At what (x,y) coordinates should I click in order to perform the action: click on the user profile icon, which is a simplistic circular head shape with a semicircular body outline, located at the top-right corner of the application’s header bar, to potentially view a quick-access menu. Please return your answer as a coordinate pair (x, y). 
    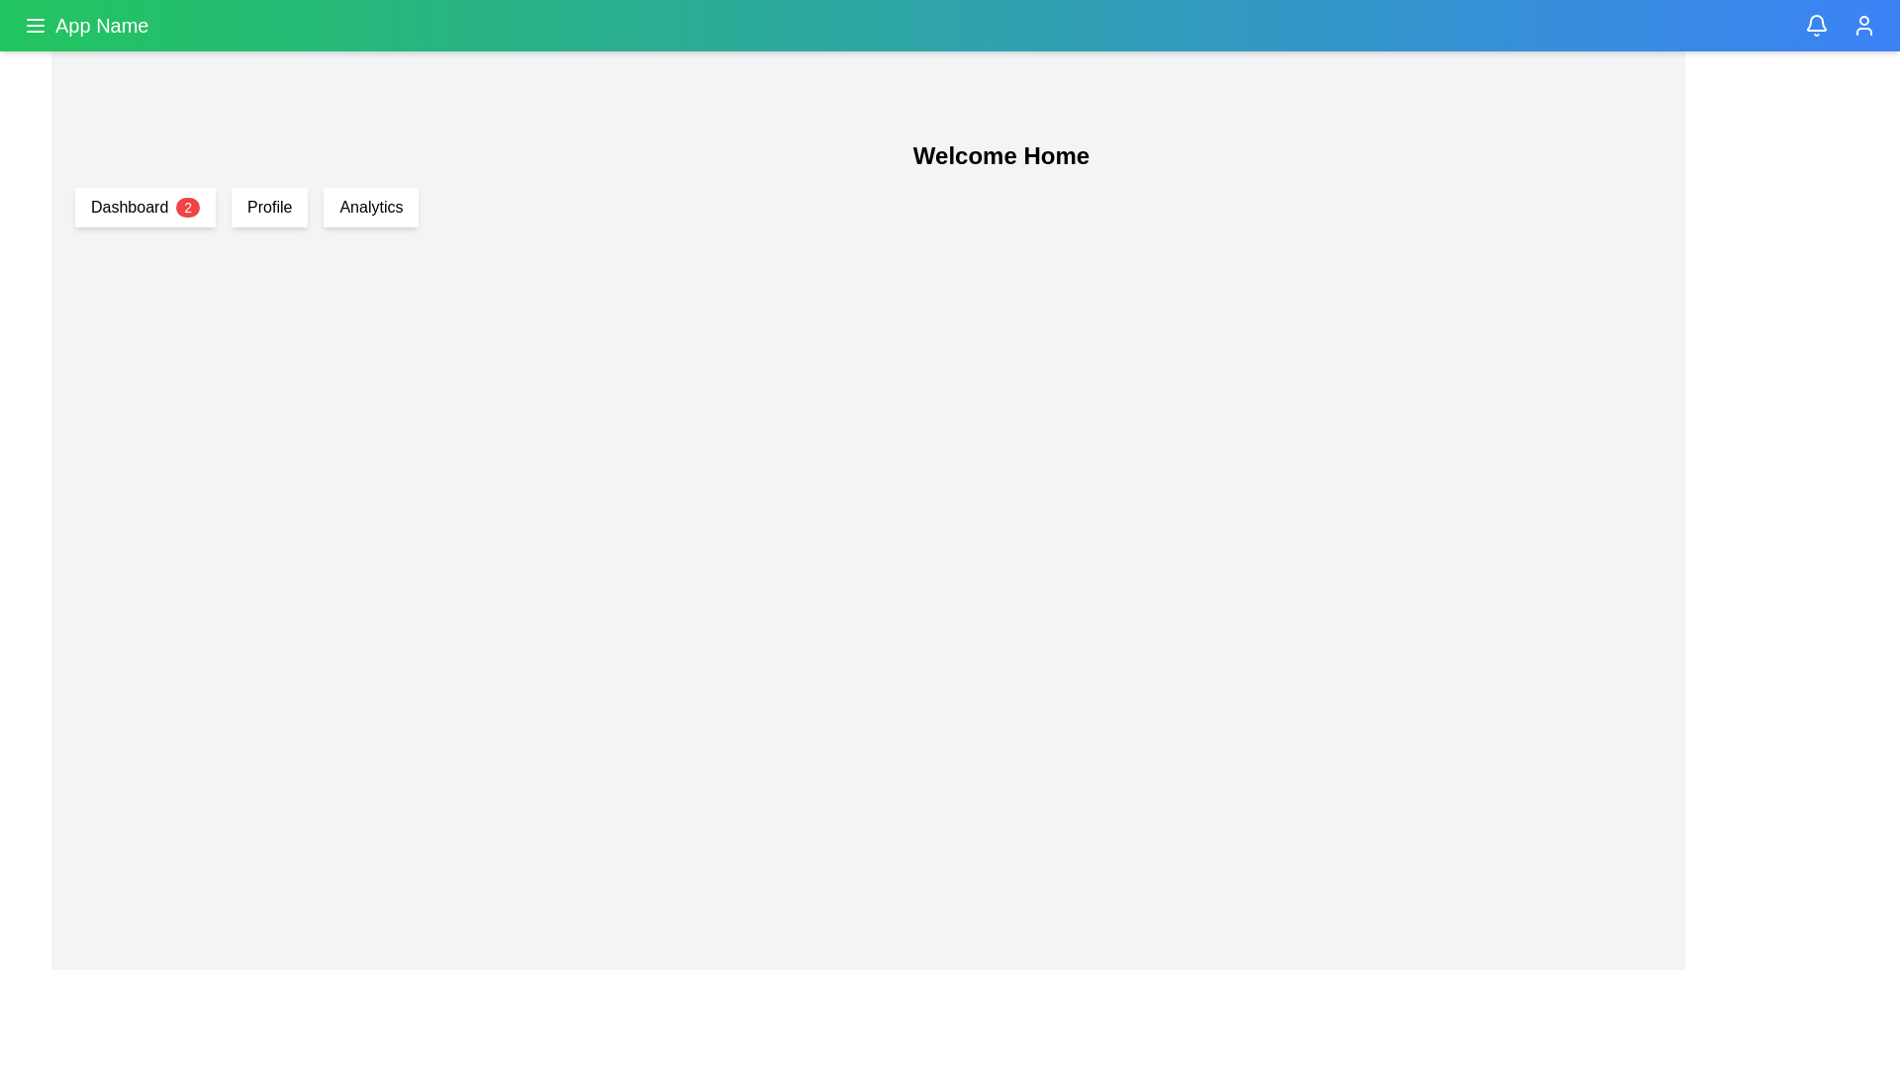
    Looking at the image, I should click on (1862, 26).